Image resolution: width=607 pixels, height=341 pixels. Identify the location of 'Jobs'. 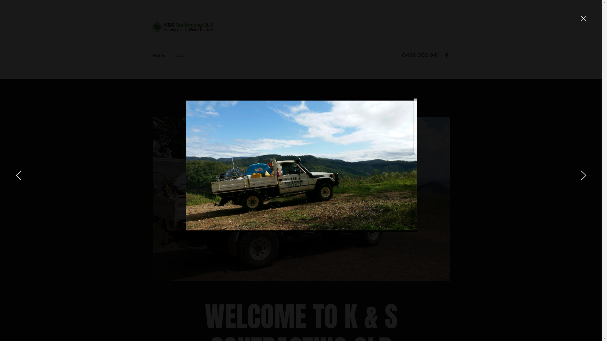
(180, 55).